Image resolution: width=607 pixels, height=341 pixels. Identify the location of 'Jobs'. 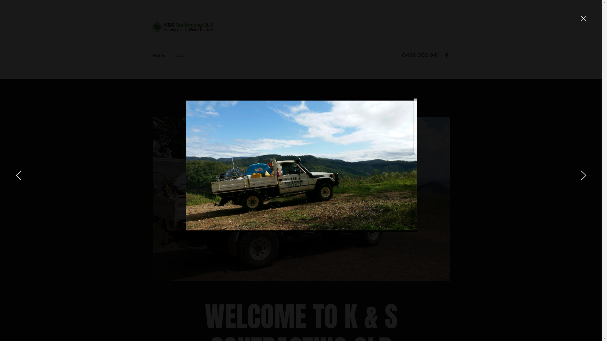
(180, 55).